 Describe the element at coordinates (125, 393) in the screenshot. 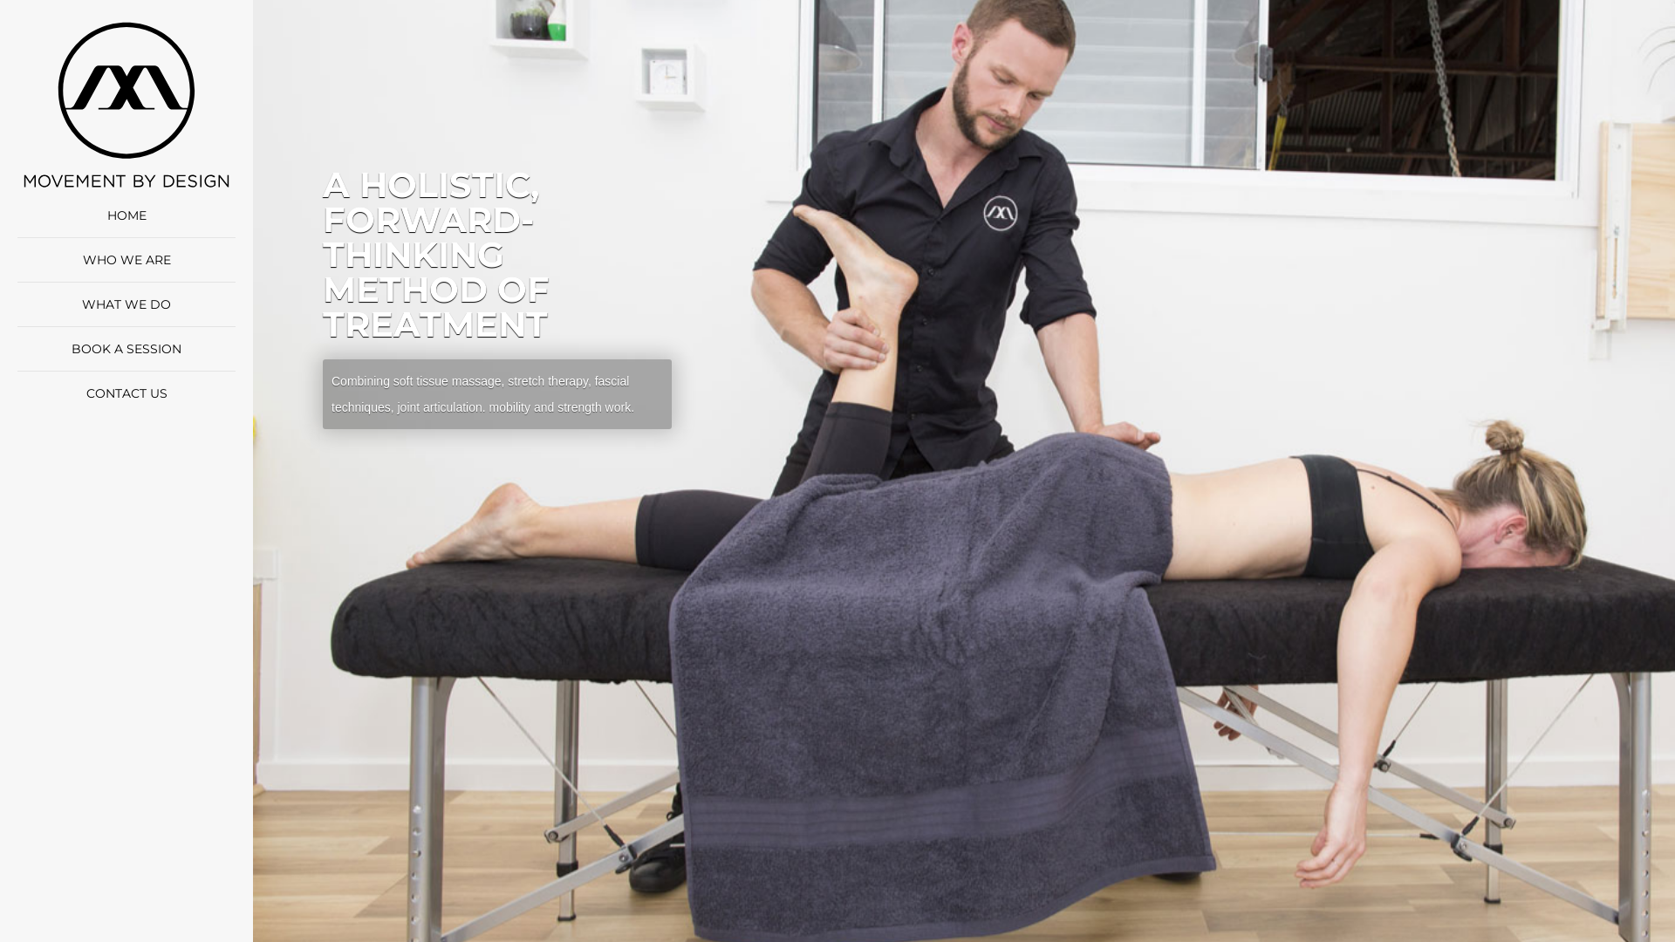

I see `'CONTACT US'` at that location.